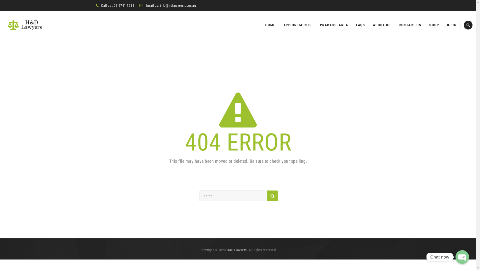 The width and height of the screenshot is (480, 270). Describe the element at coordinates (178, 5) in the screenshot. I see `'info@hdlawyers.com.au'` at that location.